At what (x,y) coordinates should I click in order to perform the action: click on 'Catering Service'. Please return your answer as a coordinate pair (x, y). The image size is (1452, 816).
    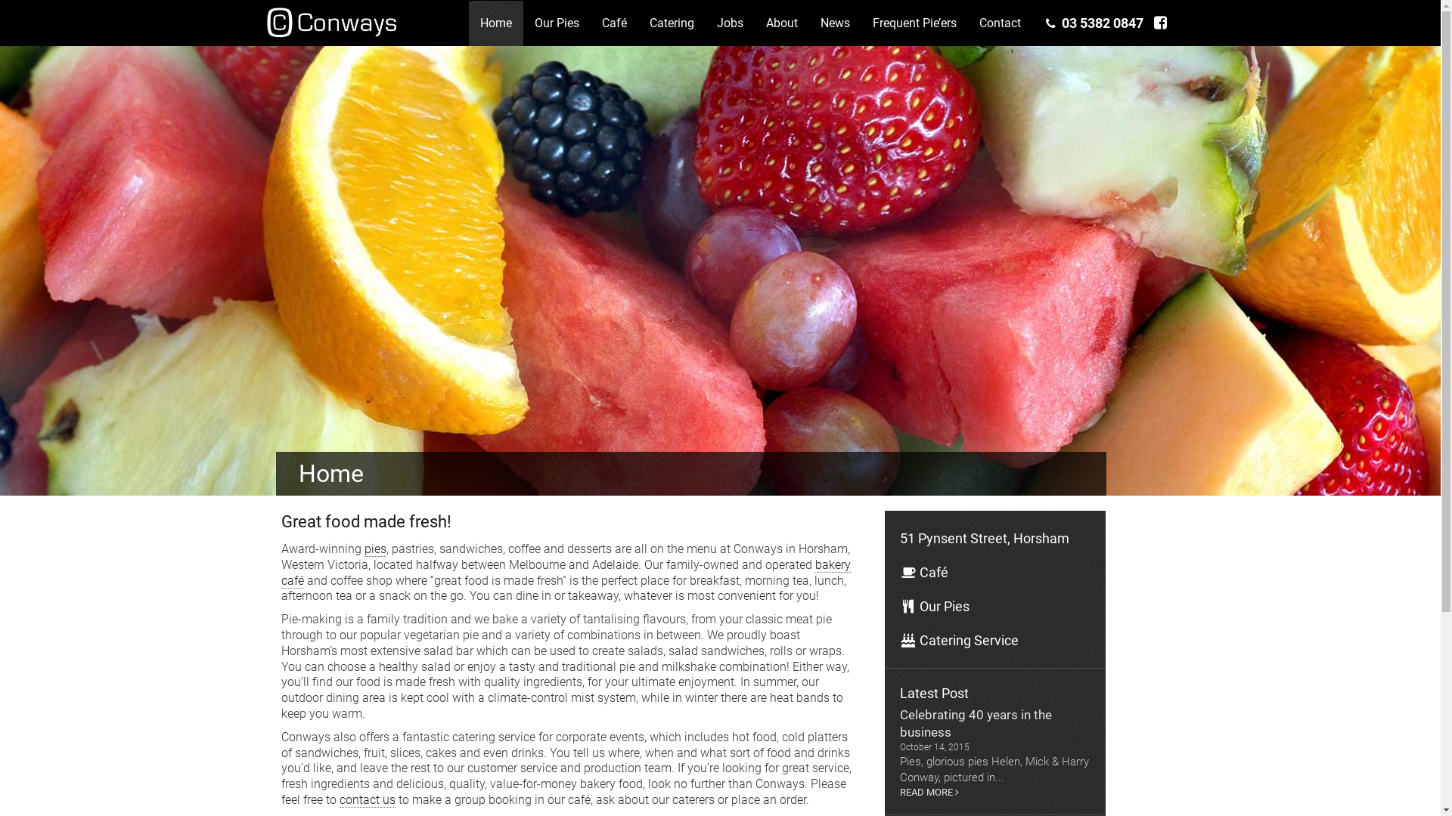
    Looking at the image, I should click on (994, 640).